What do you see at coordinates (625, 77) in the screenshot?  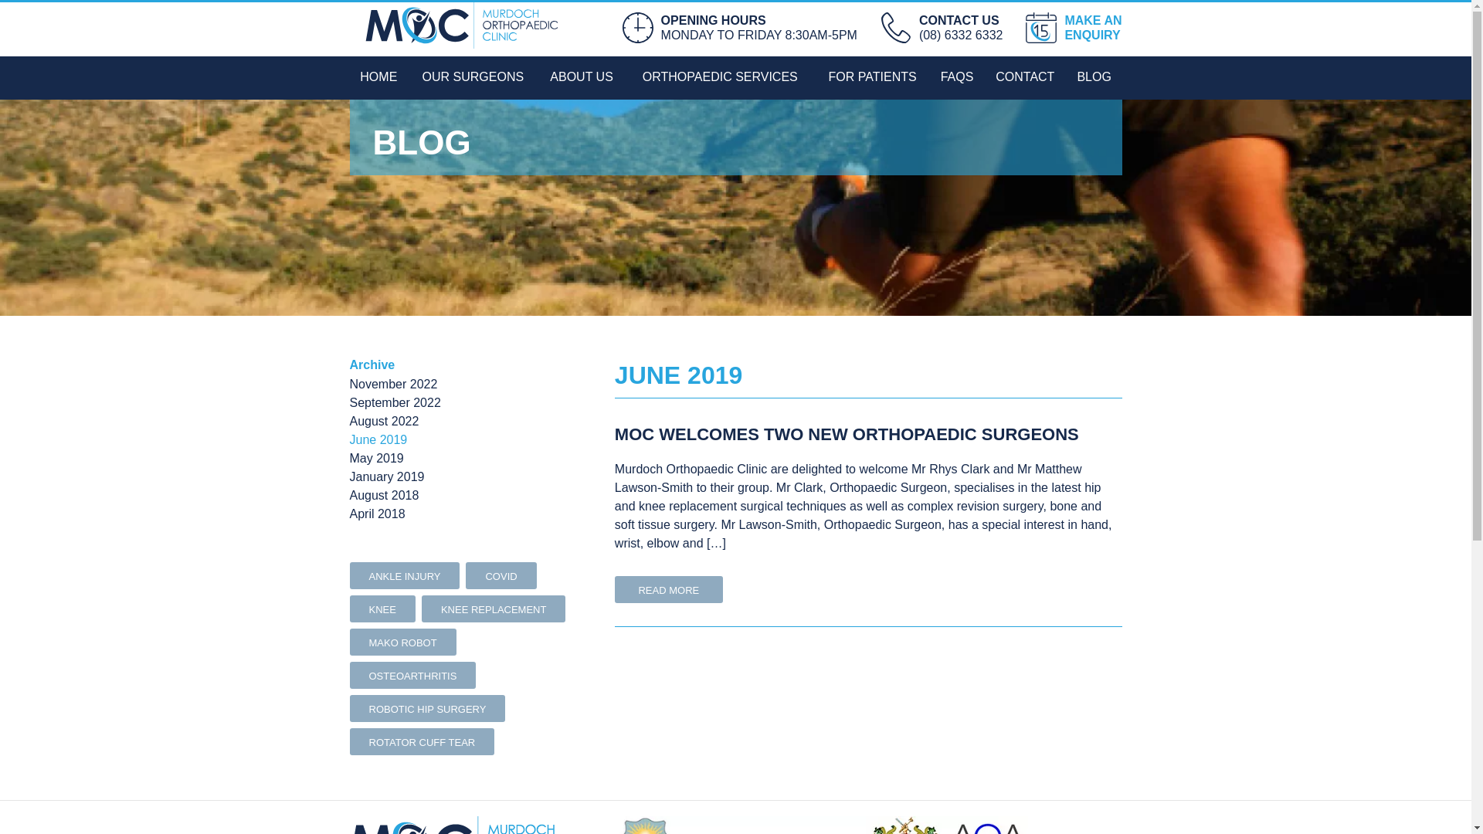 I see `'ORTHOPAEDIC SERVICES'` at bounding box center [625, 77].